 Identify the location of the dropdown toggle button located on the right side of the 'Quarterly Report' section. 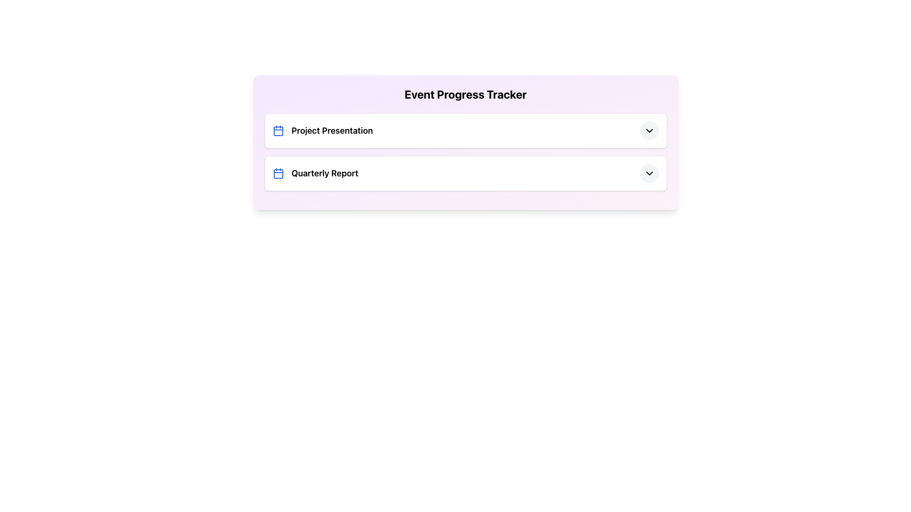
(649, 174).